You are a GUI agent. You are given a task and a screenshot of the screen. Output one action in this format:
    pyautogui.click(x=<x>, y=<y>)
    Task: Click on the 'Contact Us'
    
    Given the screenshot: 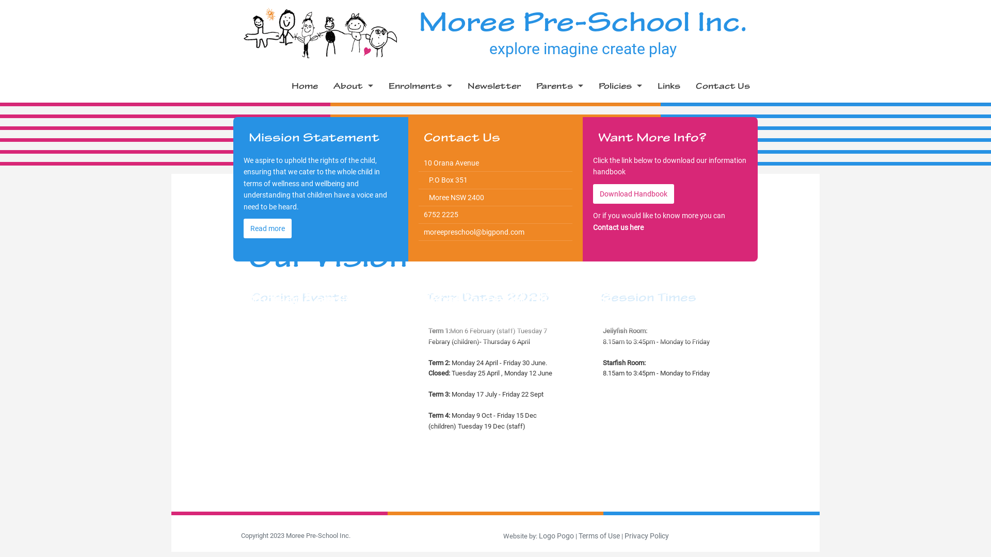 What is the action you would take?
    pyautogui.click(x=722, y=85)
    